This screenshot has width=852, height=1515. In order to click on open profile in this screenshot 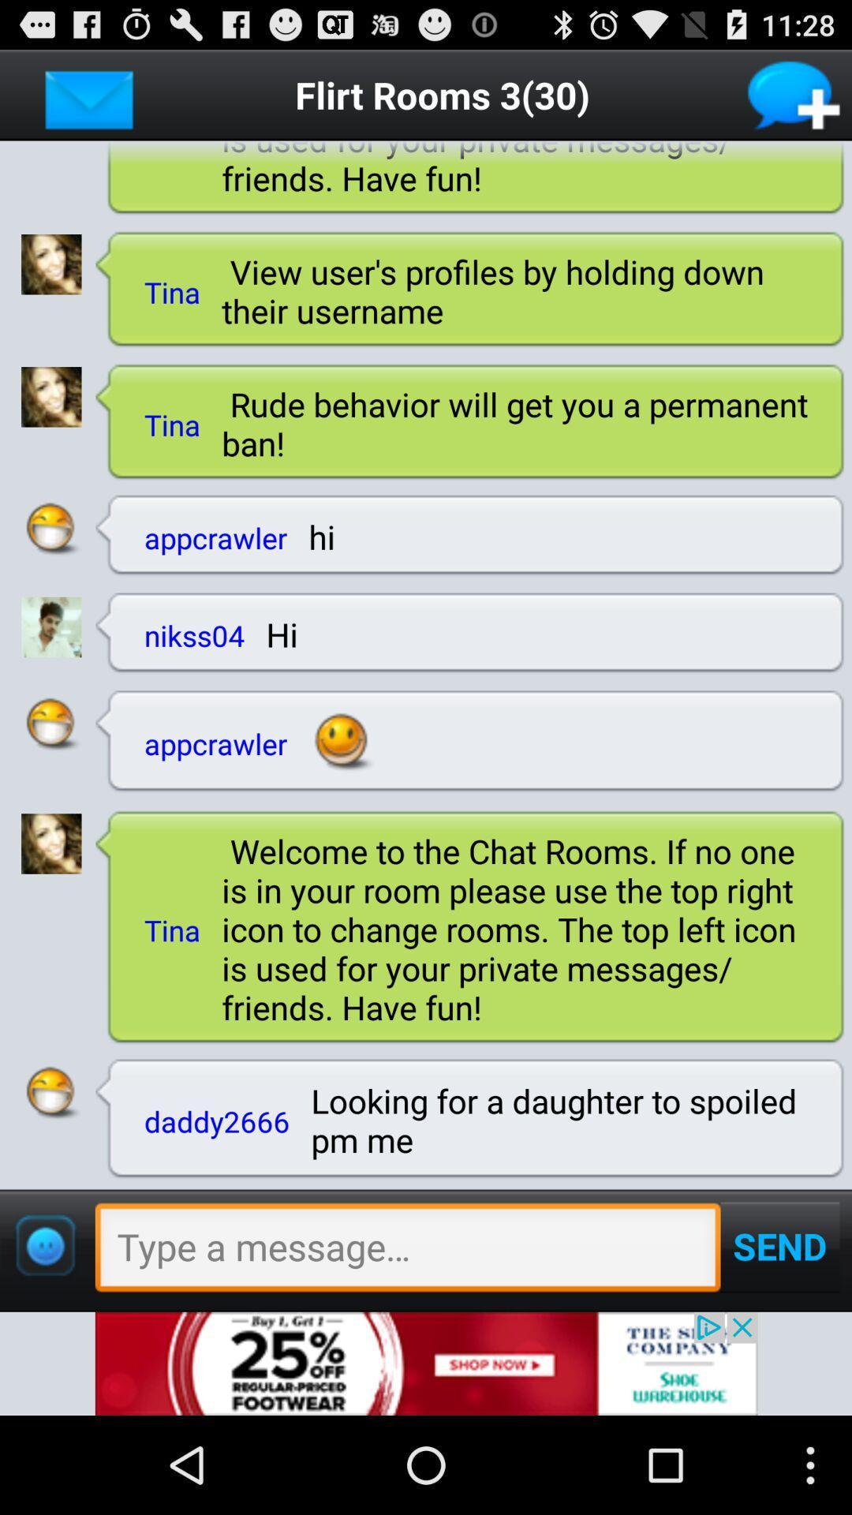, I will do `click(50, 724)`.